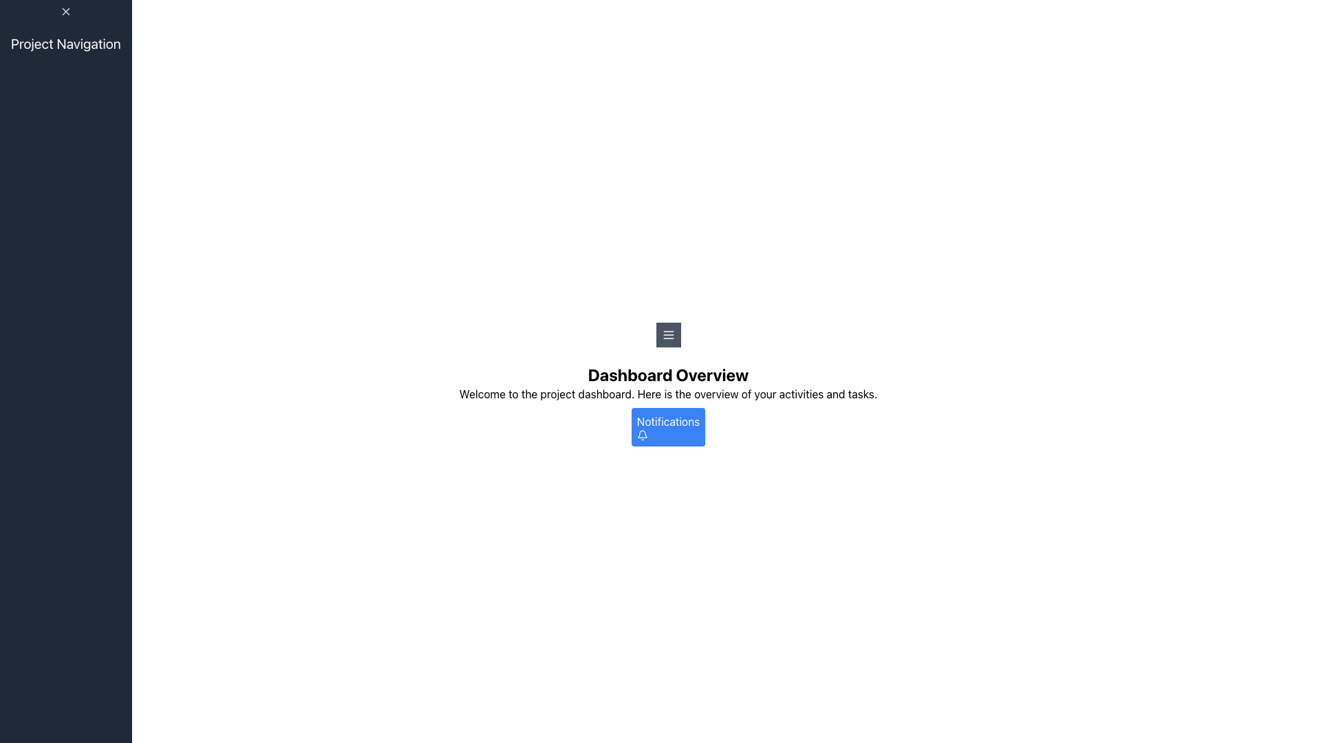  Describe the element at coordinates (668, 374) in the screenshot. I see `the title or header text element that introduces the content of the section, located directly above a paragraph and a blue 'Notifications' button` at that location.